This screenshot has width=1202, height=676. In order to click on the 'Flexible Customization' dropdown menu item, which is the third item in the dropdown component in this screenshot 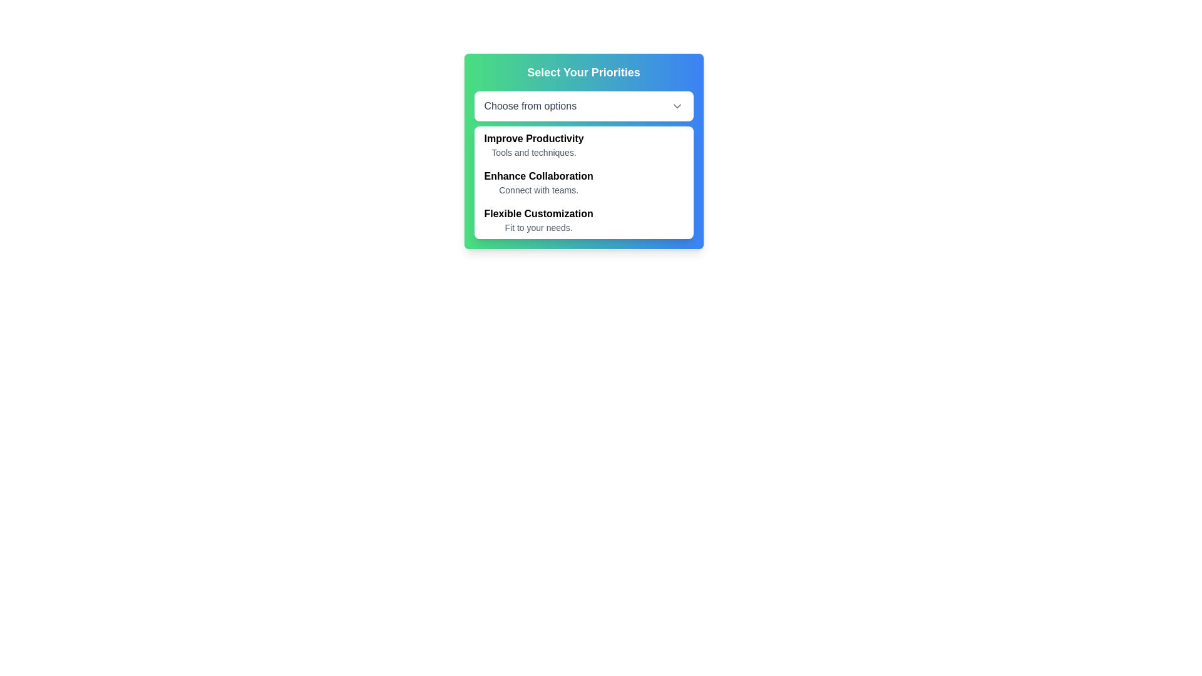, I will do `click(583, 219)`.